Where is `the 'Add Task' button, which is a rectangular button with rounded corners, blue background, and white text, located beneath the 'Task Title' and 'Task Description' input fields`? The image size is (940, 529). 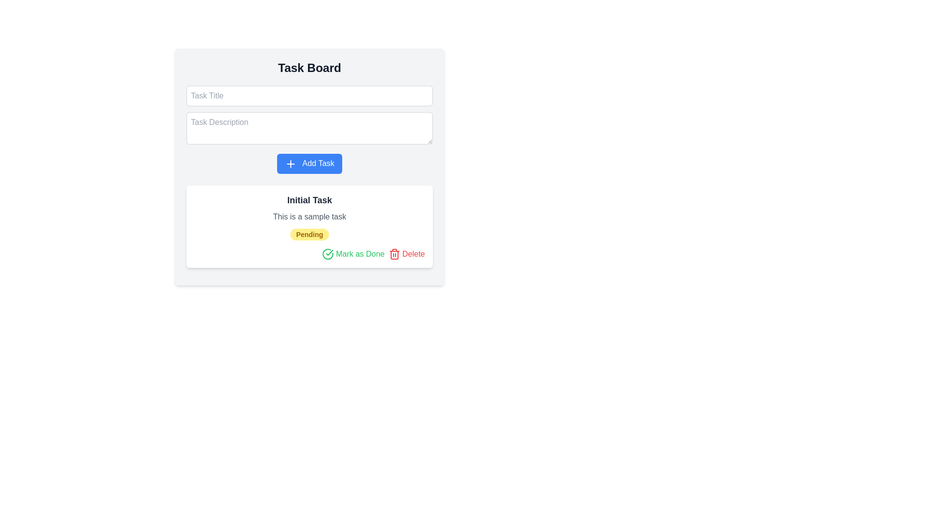 the 'Add Task' button, which is a rectangular button with rounded corners, blue background, and white text, located beneath the 'Task Title' and 'Task Description' input fields is located at coordinates (309, 163).